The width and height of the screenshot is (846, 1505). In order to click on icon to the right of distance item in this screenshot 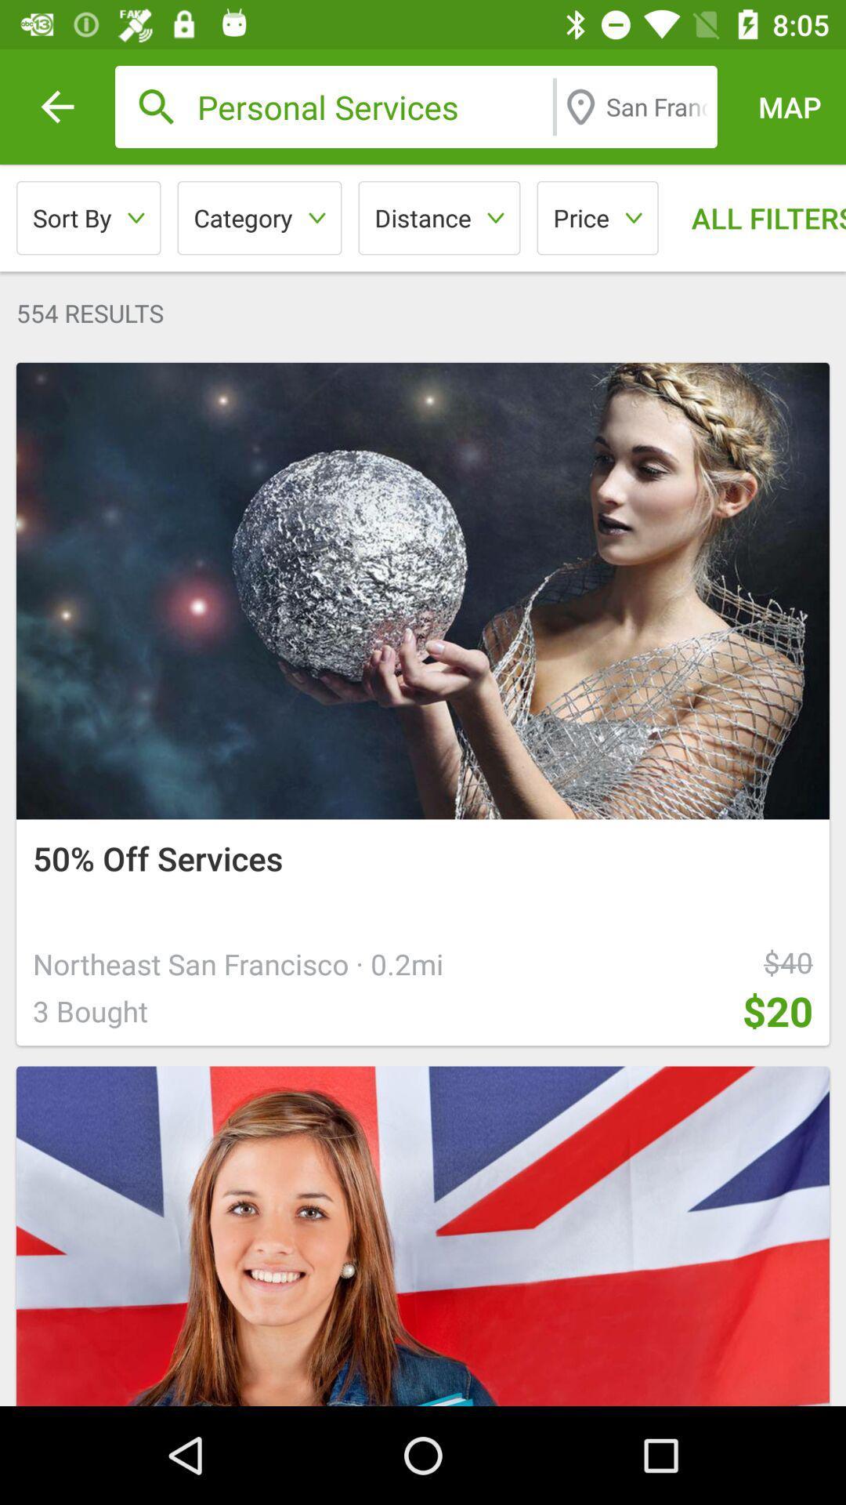, I will do `click(598, 217)`.